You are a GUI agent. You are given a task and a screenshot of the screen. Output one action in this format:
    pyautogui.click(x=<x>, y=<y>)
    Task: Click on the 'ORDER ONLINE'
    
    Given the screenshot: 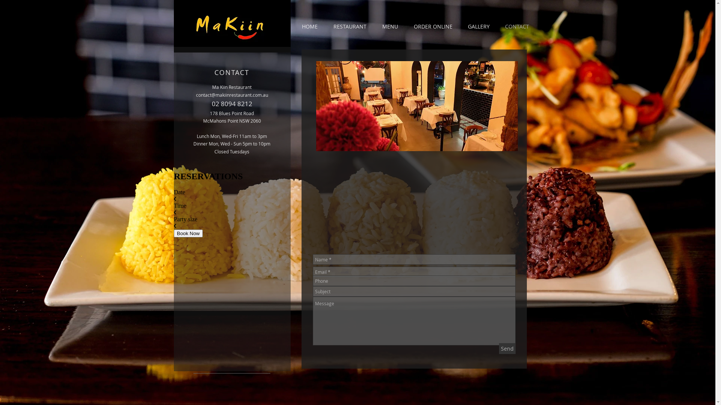 What is the action you would take?
    pyautogui.click(x=433, y=26)
    